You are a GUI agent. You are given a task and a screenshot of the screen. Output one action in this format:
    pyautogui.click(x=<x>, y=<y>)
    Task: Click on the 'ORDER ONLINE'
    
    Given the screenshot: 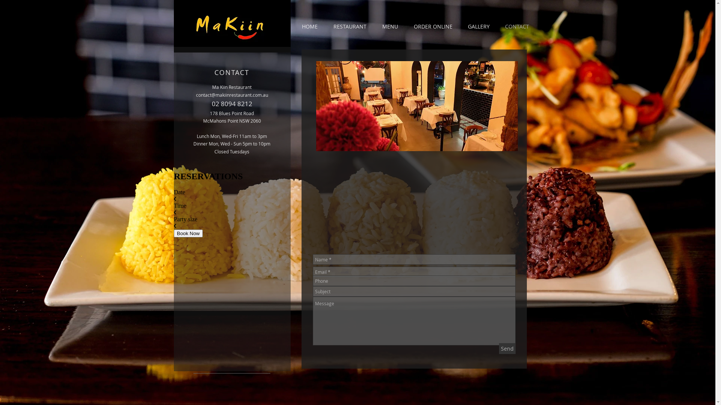 What is the action you would take?
    pyautogui.click(x=433, y=26)
    